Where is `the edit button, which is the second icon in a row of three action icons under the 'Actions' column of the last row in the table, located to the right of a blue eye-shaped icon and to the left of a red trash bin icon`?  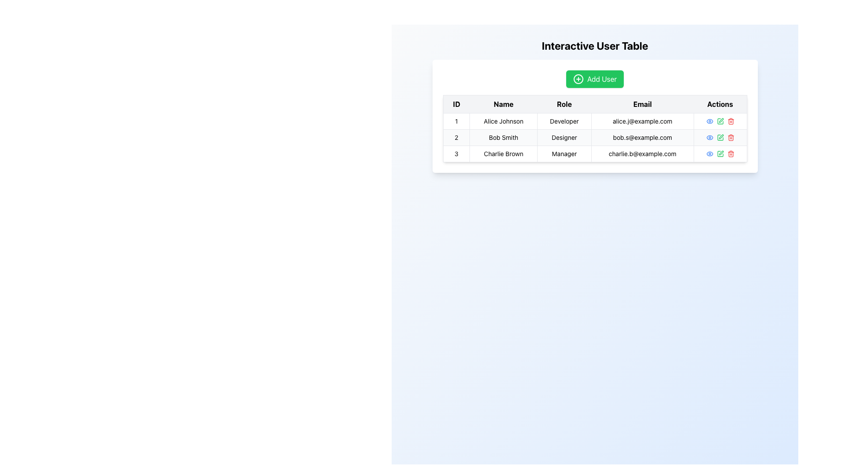 the edit button, which is the second icon in a row of three action icons under the 'Actions' column of the last row in the table, located to the right of a blue eye-shaped icon and to the left of a red trash bin icon is located at coordinates (720, 153).